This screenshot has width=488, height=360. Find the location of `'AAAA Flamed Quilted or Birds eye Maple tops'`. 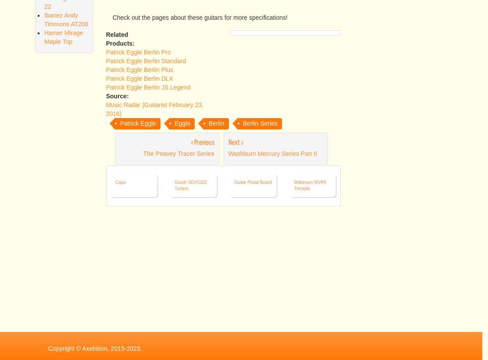

'AAAA Flamed Quilted or Birds eye Maple tops' is located at coordinates (222, 42).